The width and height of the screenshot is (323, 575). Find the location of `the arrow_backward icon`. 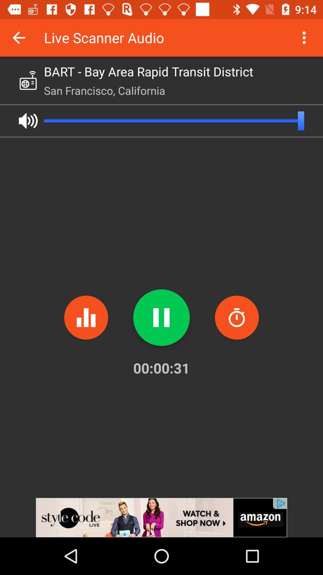

the arrow_backward icon is located at coordinates (18, 37).